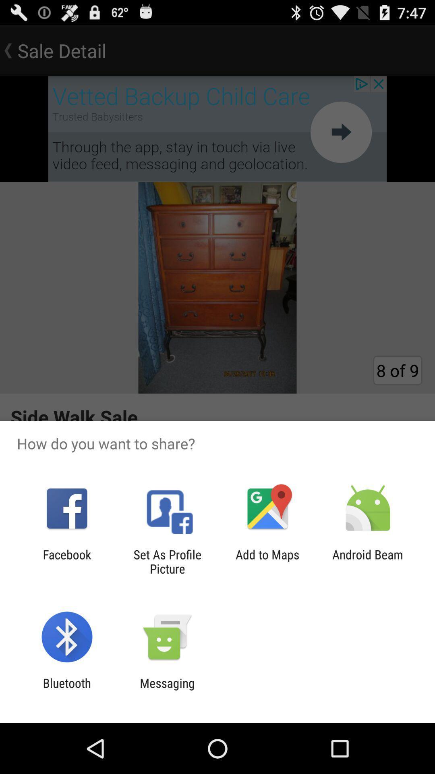  What do you see at coordinates (267, 561) in the screenshot?
I see `the icon next to android beam icon` at bounding box center [267, 561].